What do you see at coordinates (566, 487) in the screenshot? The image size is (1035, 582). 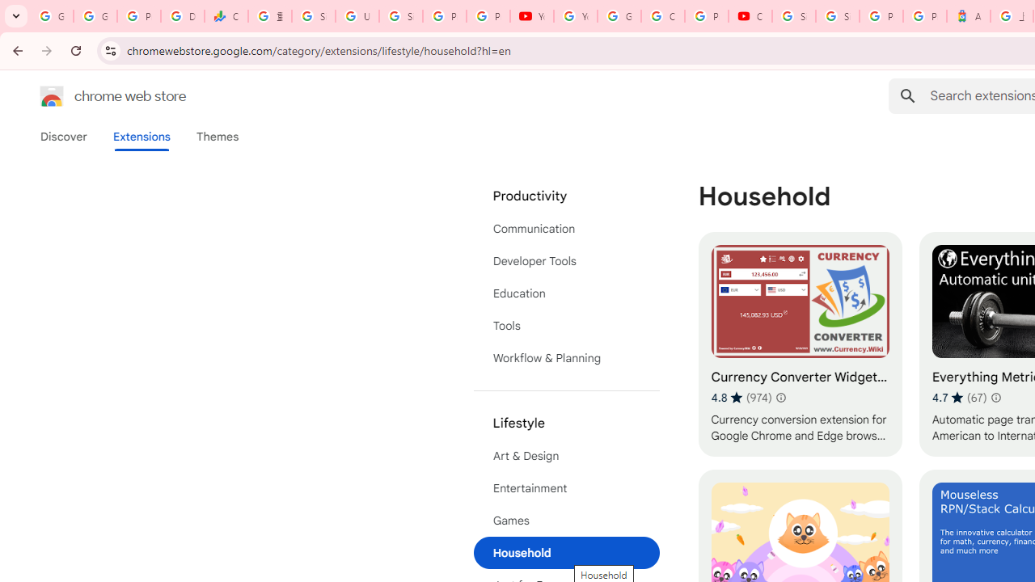 I see `'Entertainment'` at bounding box center [566, 487].